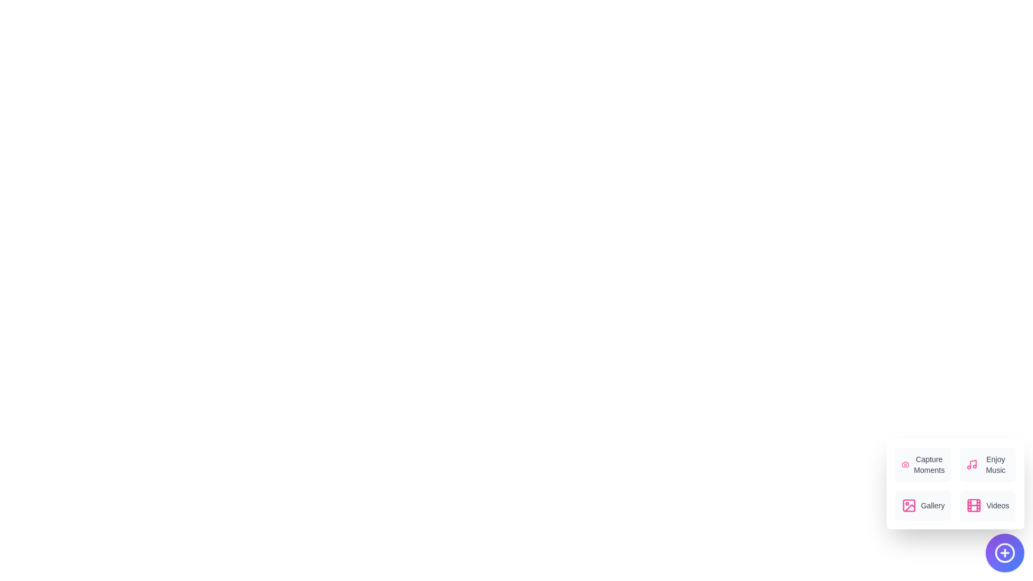  What do you see at coordinates (923, 506) in the screenshot?
I see `the Gallery from the speed dial menu` at bounding box center [923, 506].